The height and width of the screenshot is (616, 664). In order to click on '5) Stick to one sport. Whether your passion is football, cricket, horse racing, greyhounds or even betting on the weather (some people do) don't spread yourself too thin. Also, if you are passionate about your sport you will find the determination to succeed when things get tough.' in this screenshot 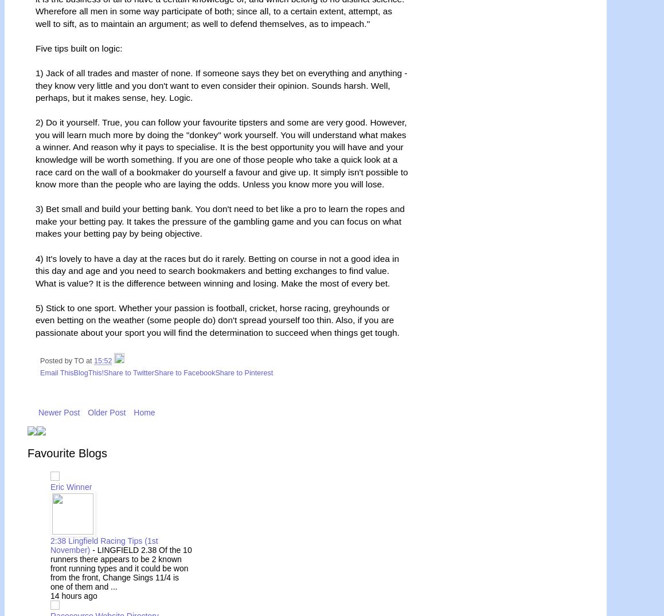, I will do `click(218, 320)`.